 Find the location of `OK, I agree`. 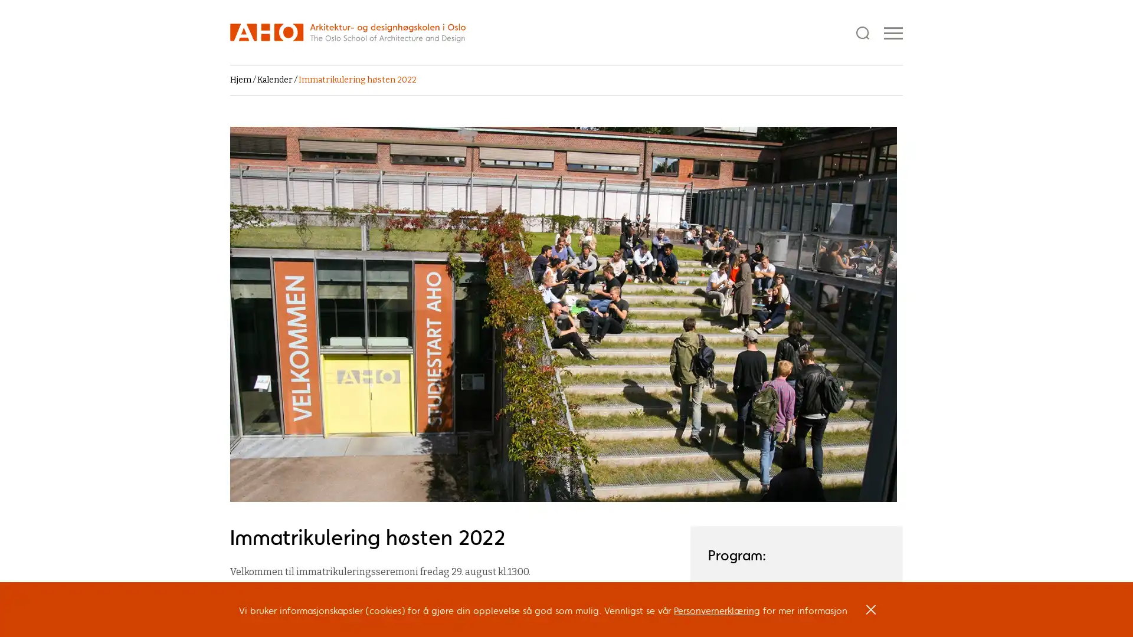

OK, I agree is located at coordinates (871, 613).